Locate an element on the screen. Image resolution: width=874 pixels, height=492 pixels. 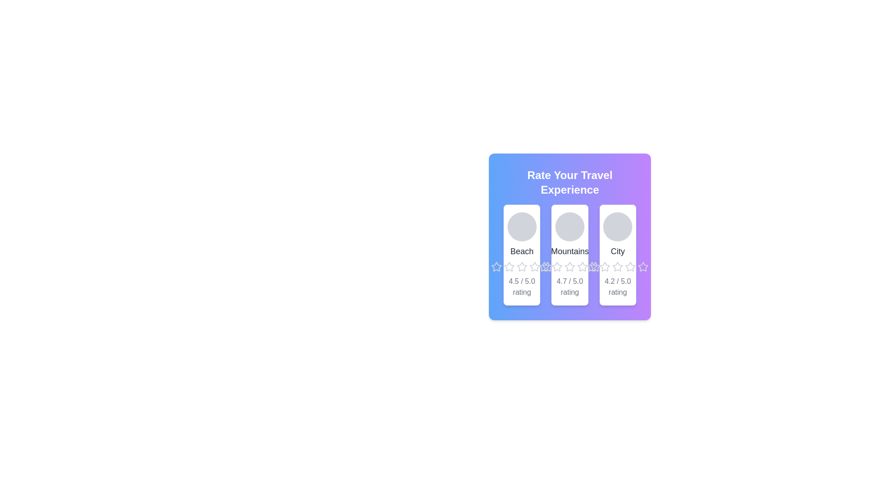
the third star is located at coordinates (605, 266).